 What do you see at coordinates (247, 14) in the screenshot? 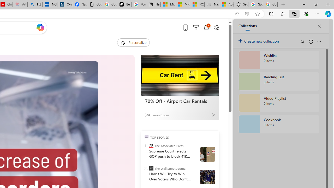
I see `'Enhance video'` at bounding box center [247, 14].